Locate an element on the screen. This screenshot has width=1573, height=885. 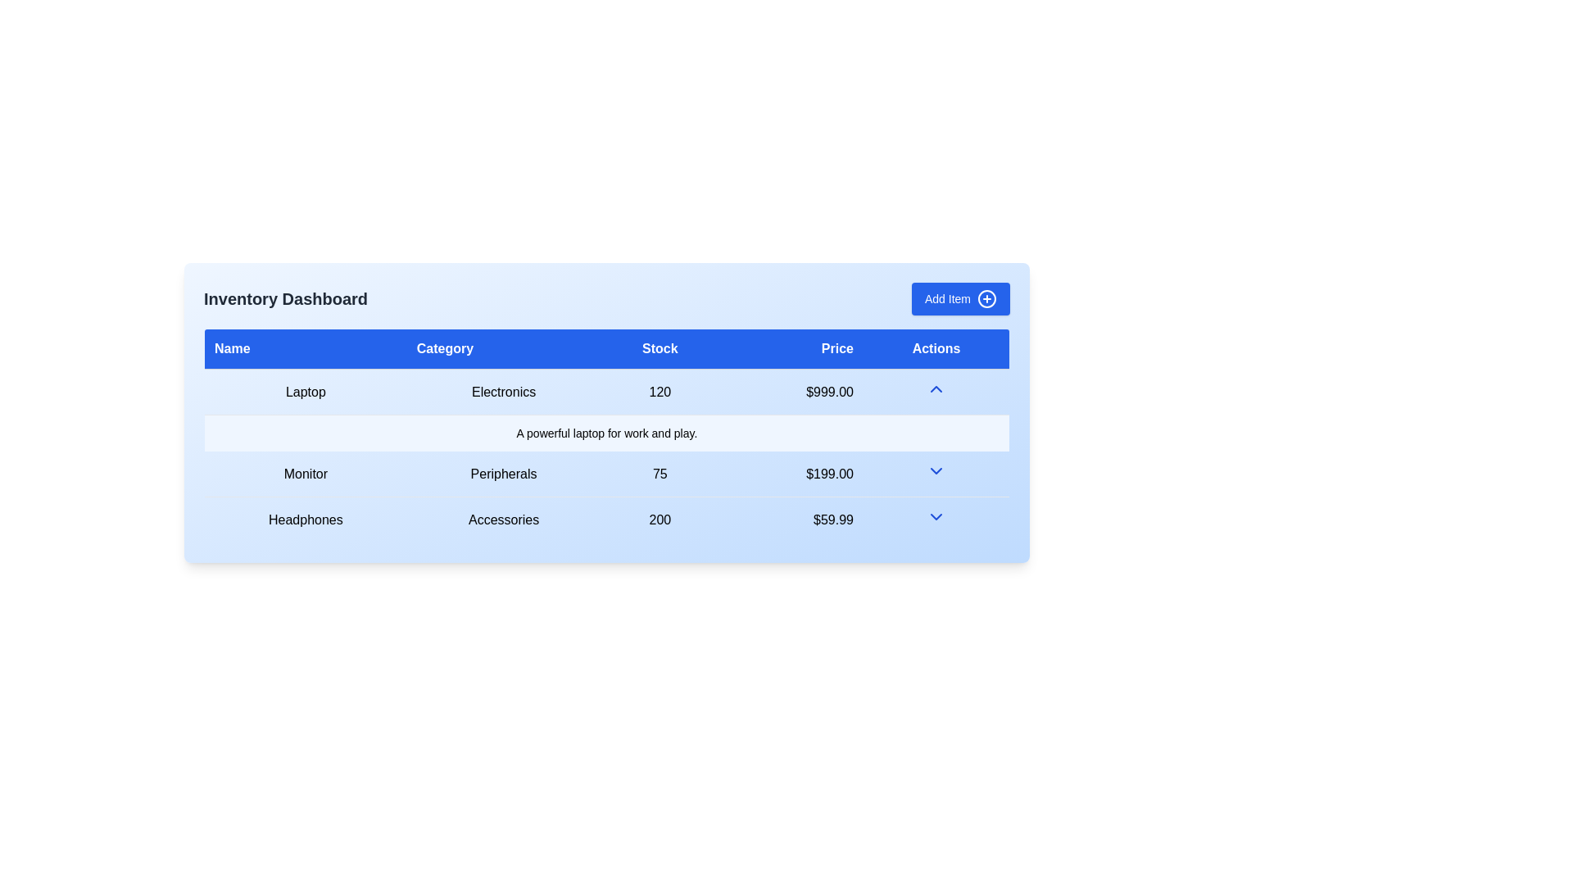
the circular plus icon embedded within the 'Add Item' button, located at the right edge of the button is located at coordinates (986, 299).